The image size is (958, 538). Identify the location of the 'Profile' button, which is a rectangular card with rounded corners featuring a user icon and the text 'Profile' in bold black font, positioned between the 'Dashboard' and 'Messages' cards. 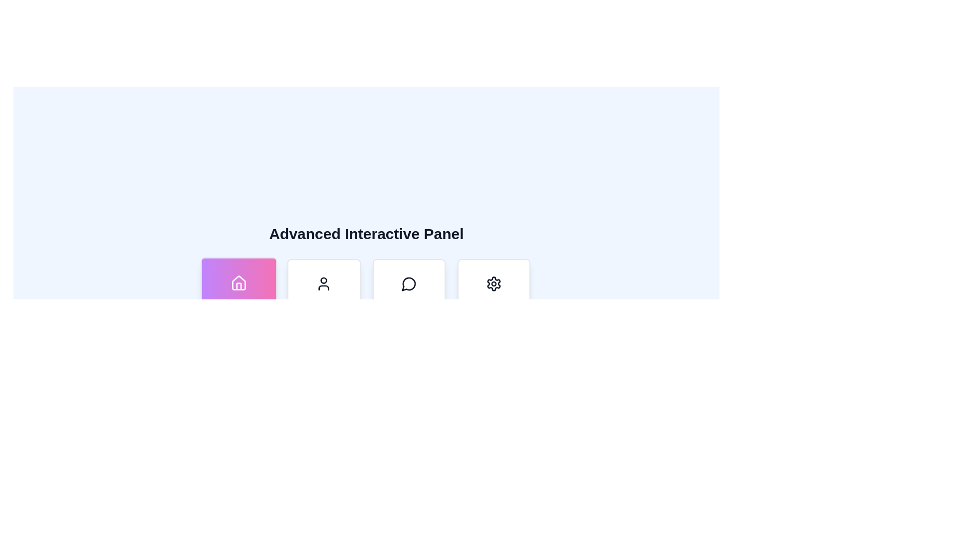
(324, 294).